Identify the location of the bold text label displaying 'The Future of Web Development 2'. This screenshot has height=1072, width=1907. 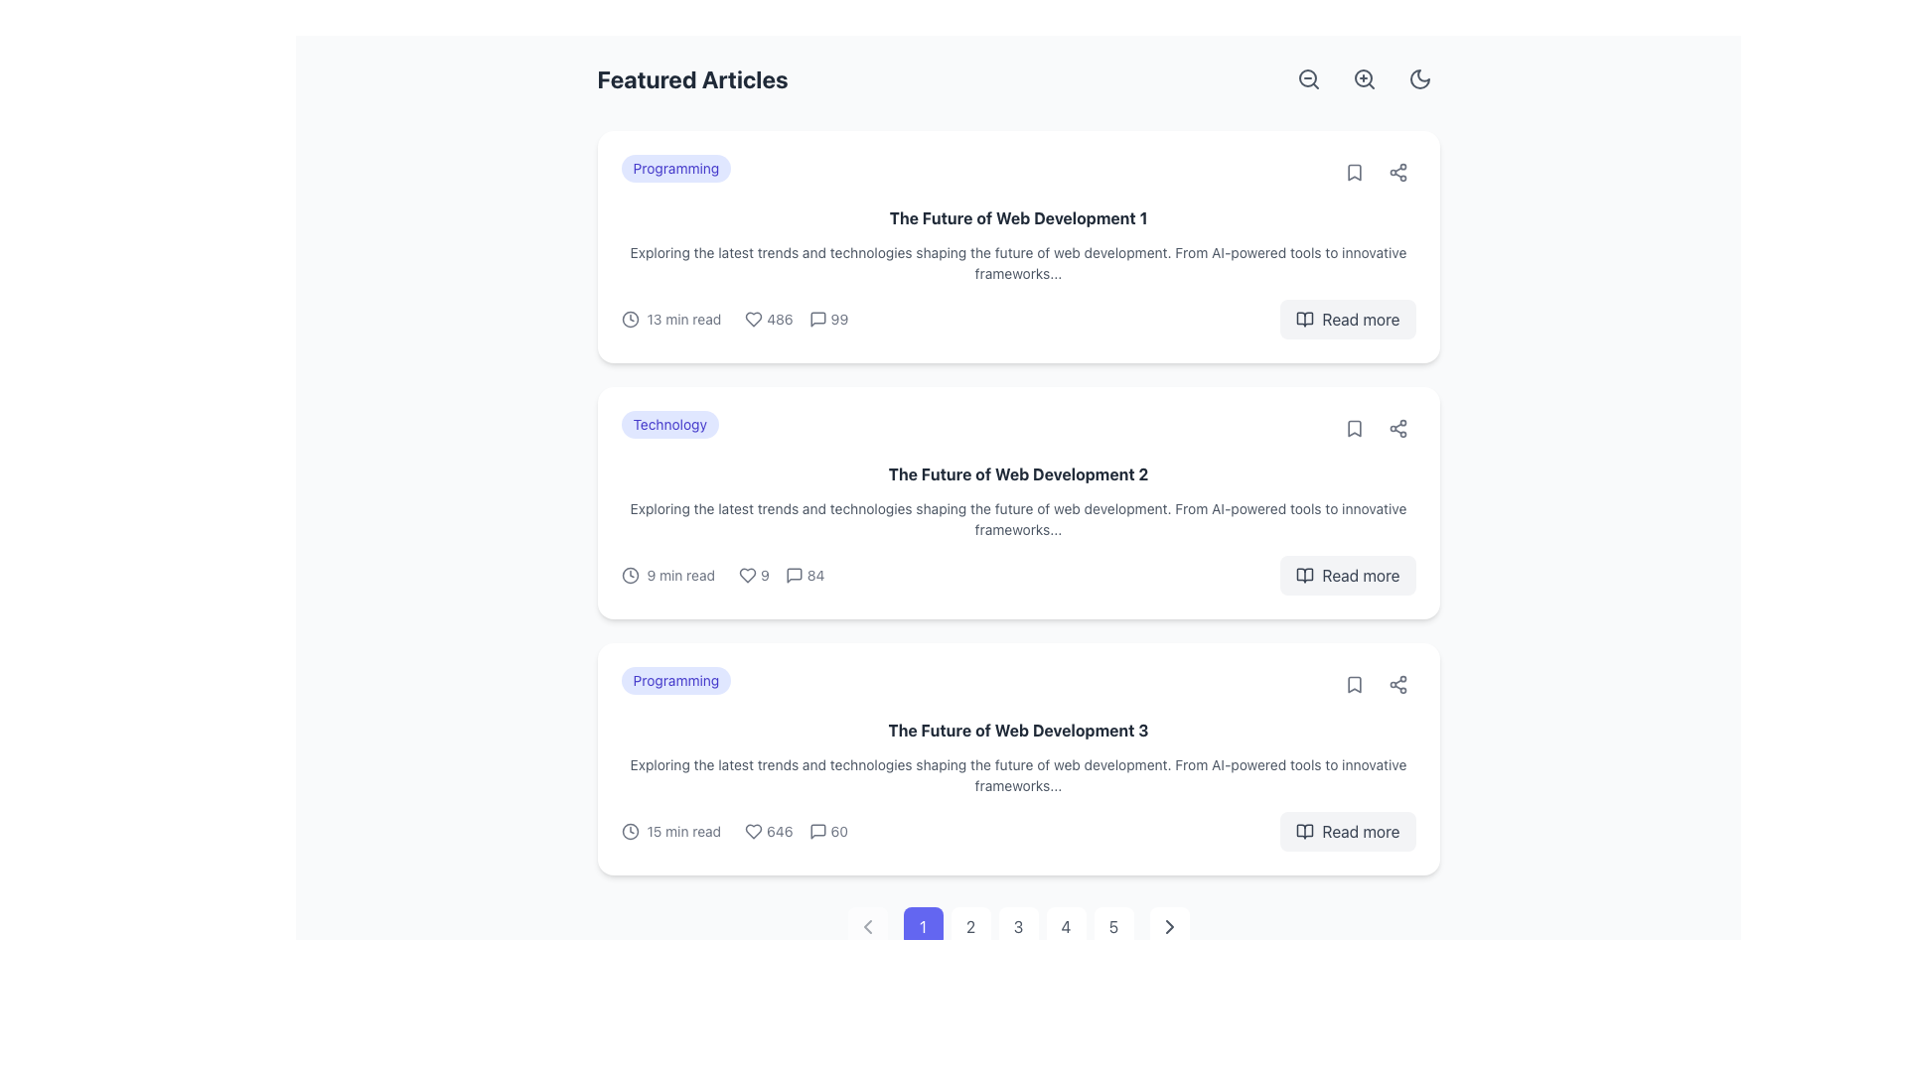
(1018, 474).